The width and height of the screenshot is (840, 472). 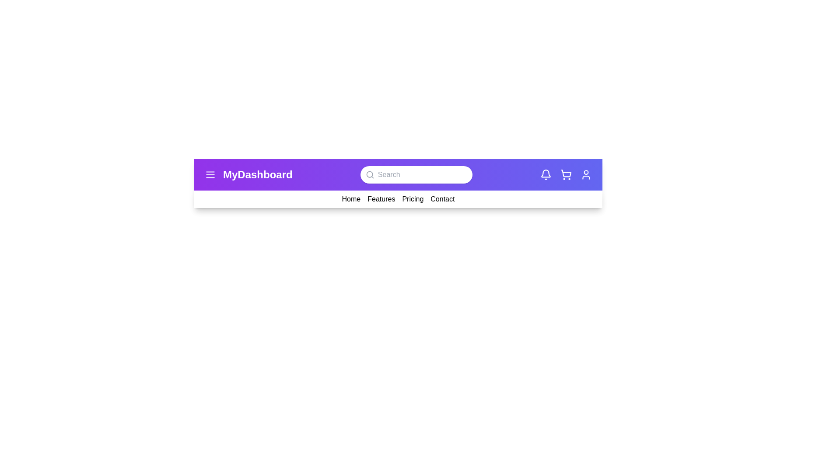 What do you see at coordinates (210, 175) in the screenshot?
I see `the menu icon to toggle the menu visibility` at bounding box center [210, 175].